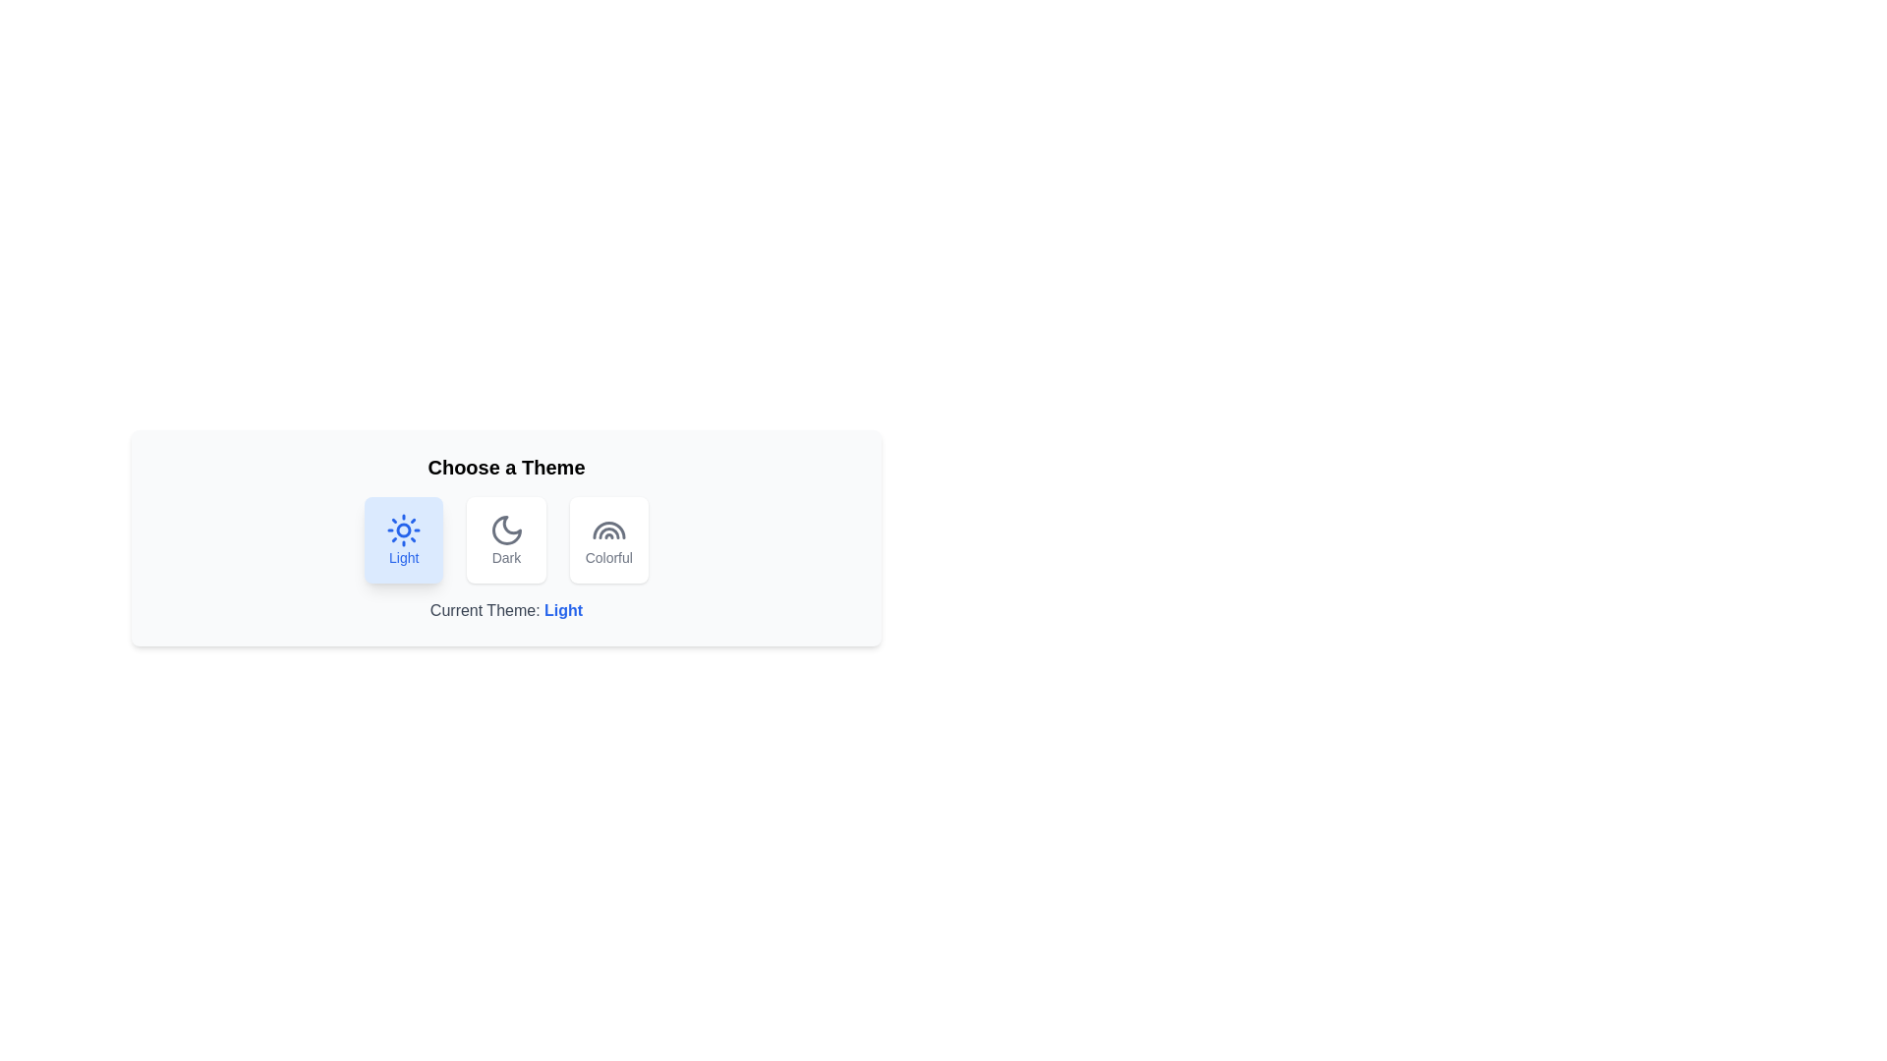  What do you see at coordinates (403, 540) in the screenshot?
I see `the Light button to see the hover effect` at bounding box center [403, 540].